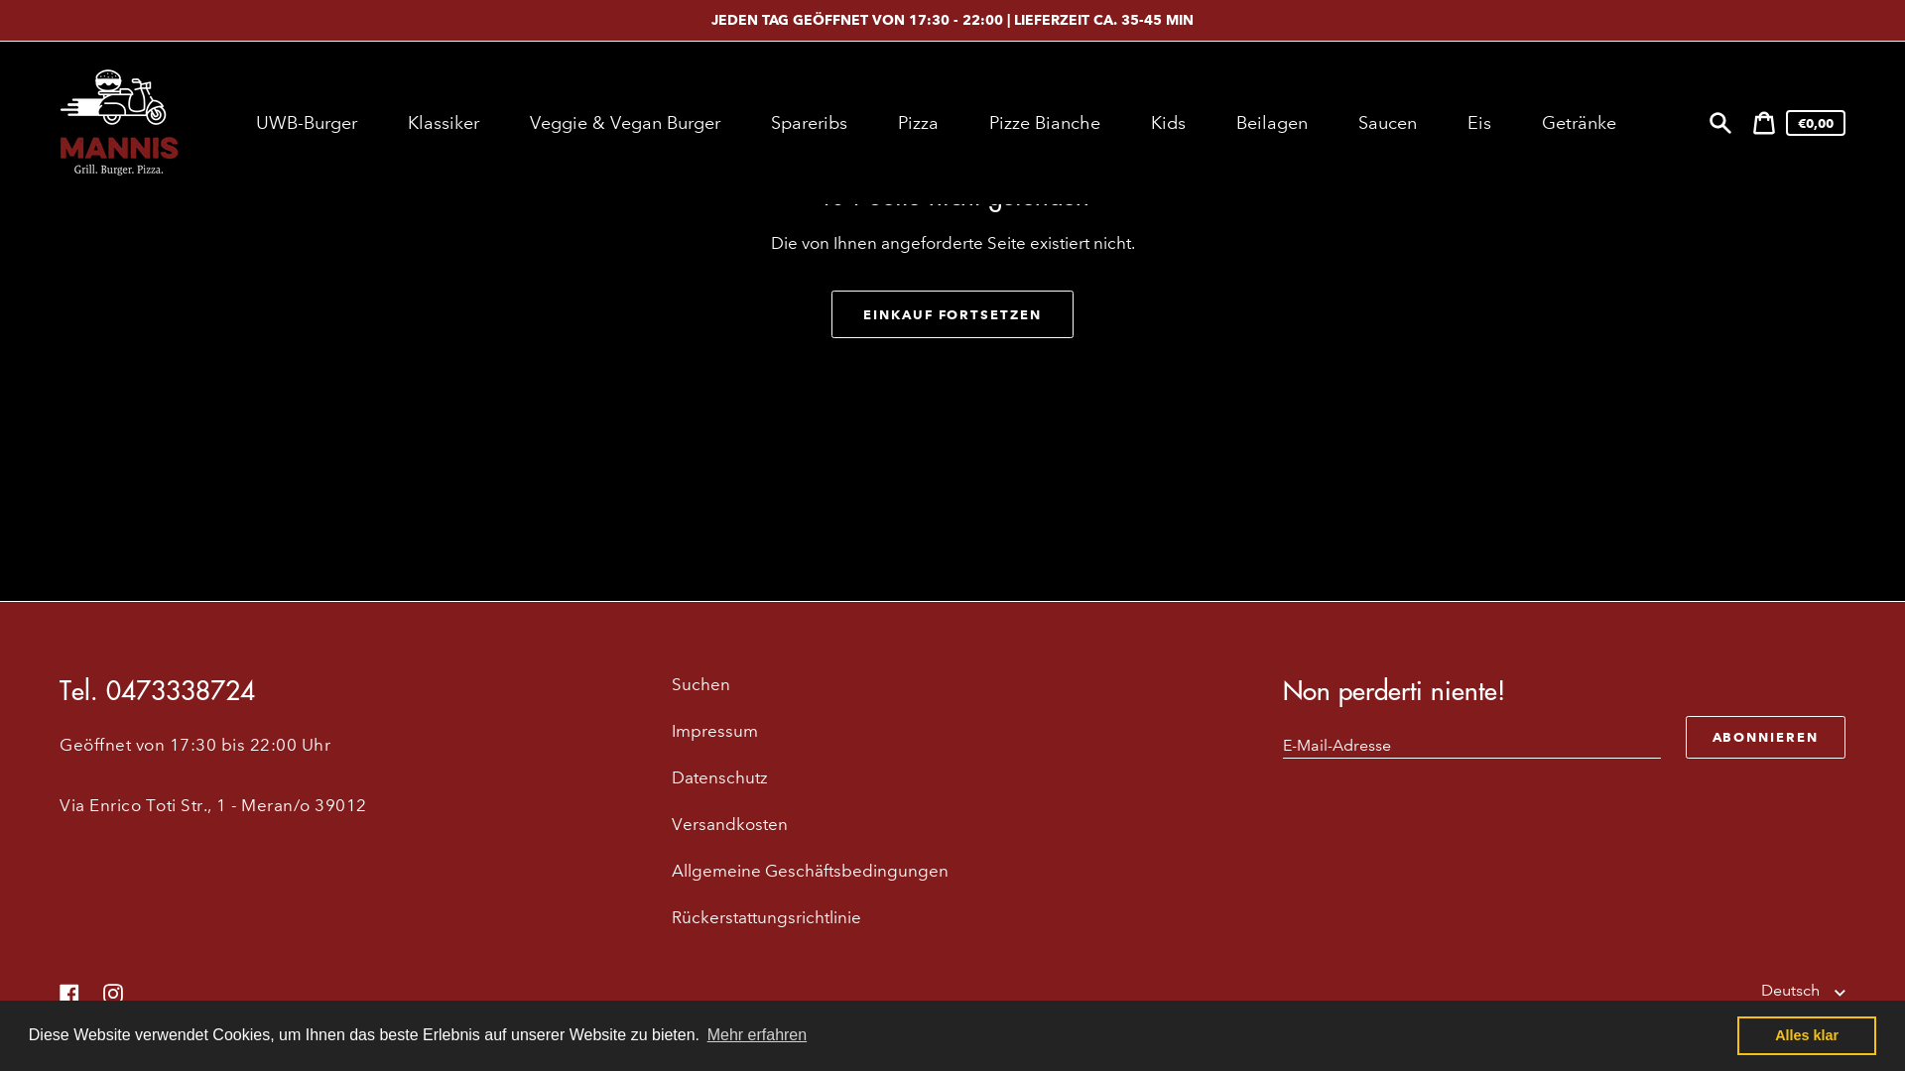 The height and width of the screenshot is (1071, 1905). I want to click on 'Pizza', so click(919, 122).